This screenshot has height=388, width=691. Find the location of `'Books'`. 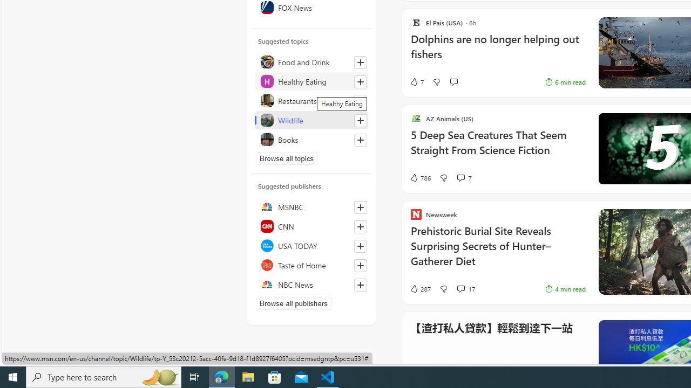

'Books' is located at coordinates (311, 138).